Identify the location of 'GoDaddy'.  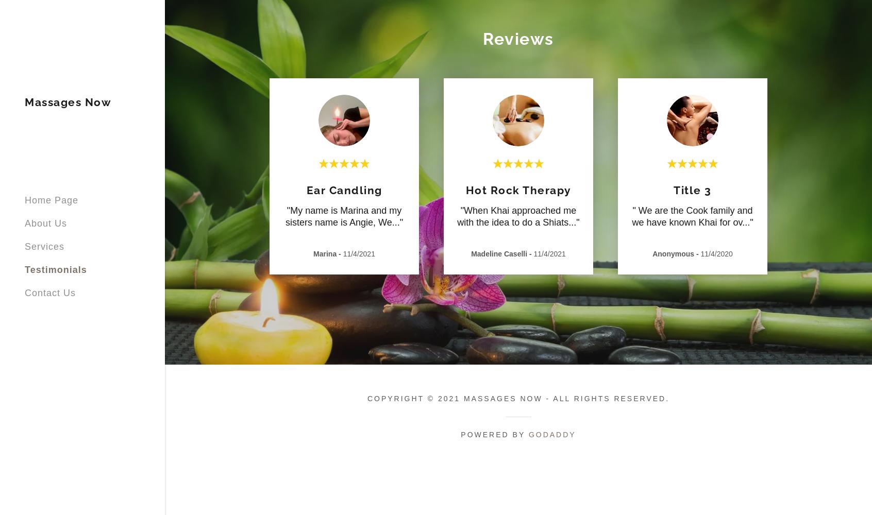
(552, 434).